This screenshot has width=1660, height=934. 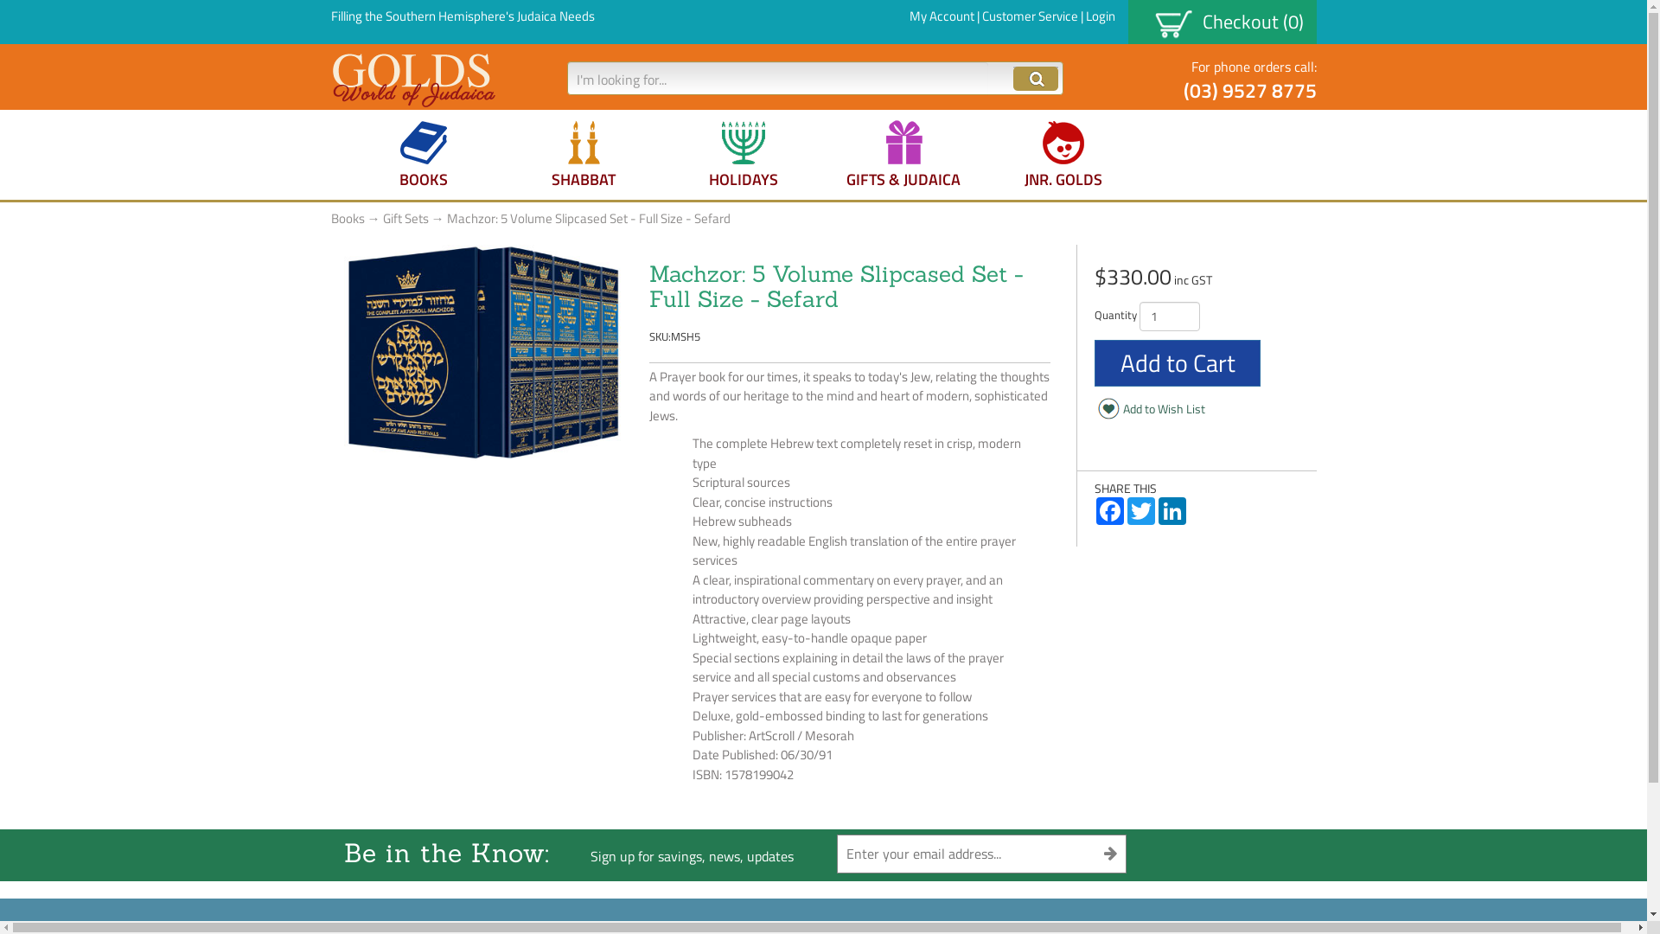 What do you see at coordinates (423, 153) in the screenshot?
I see `'BOOKS'` at bounding box center [423, 153].